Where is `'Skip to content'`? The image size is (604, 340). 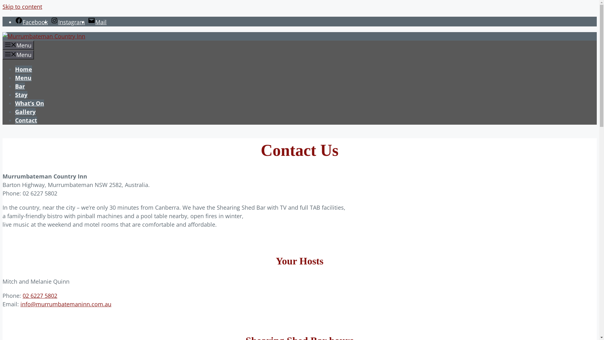 'Skip to content' is located at coordinates (22, 6).